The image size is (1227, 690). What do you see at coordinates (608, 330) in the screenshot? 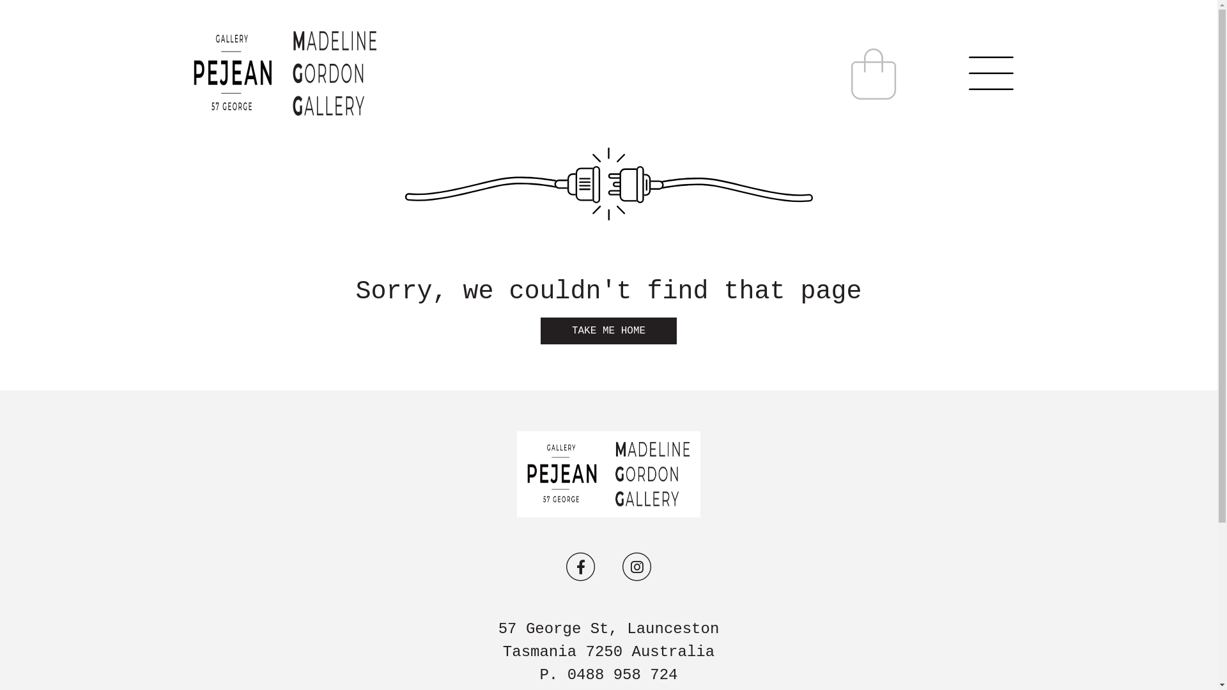
I see `'TAKE ME HOME'` at bounding box center [608, 330].